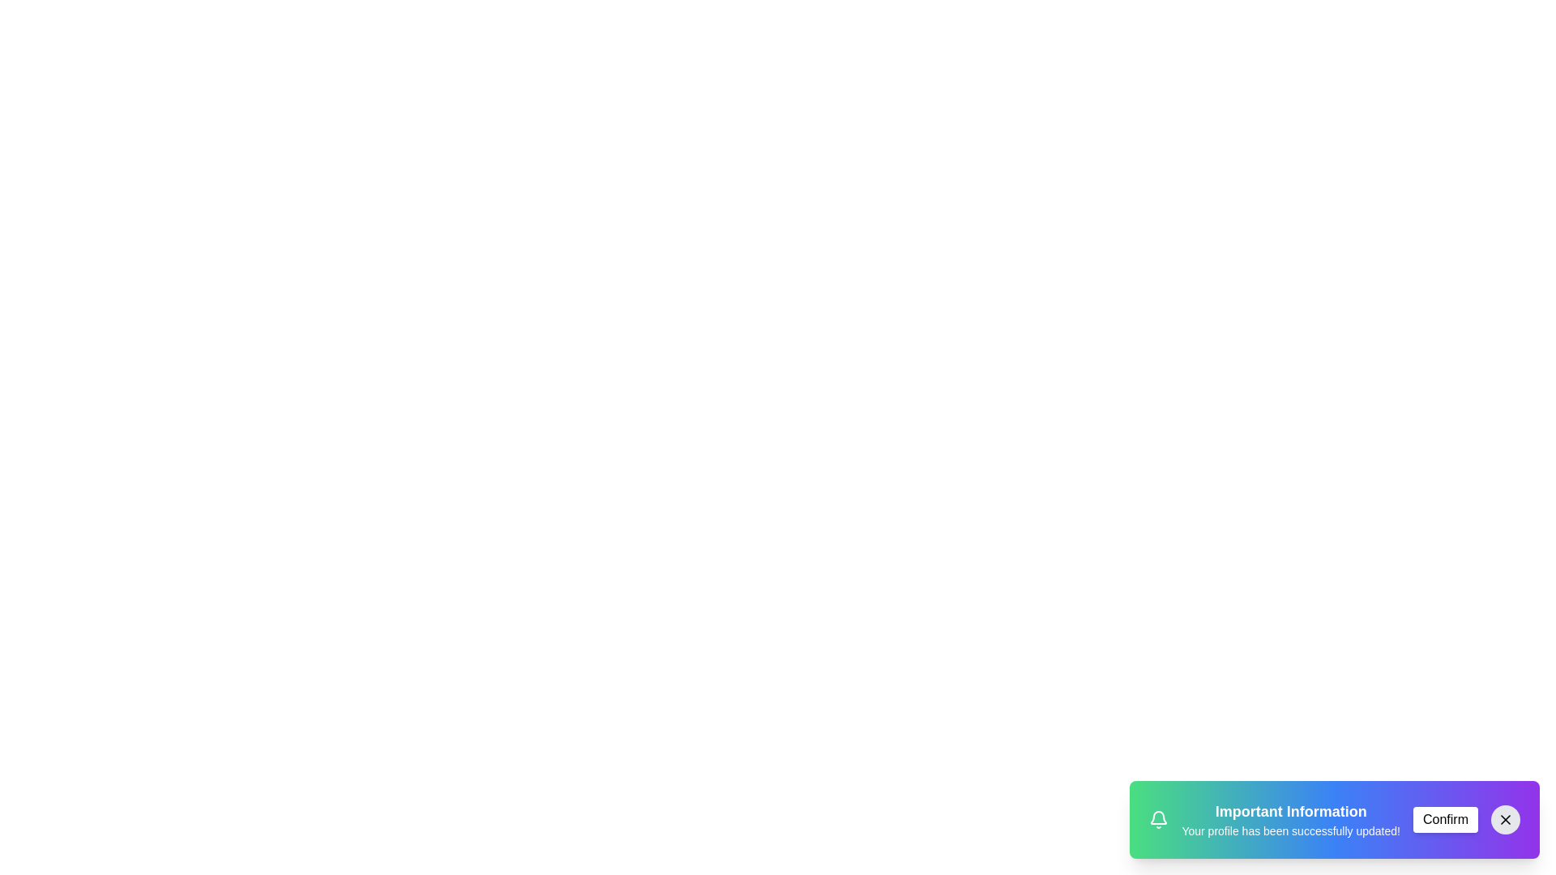 Image resolution: width=1556 pixels, height=875 pixels. Describe the element at coordinates (1446, 819) in the screenshot. I see `the 'Confirm' button to confirm the action` at that location.